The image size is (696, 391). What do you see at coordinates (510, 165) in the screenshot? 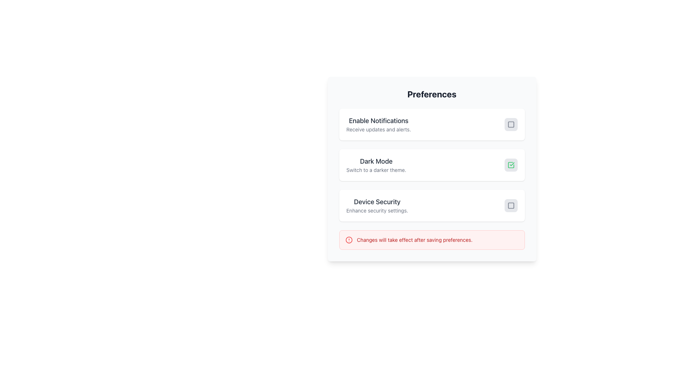
I see `the toggle button with a green checkmark inside a square` at bounding box center [510, 165].